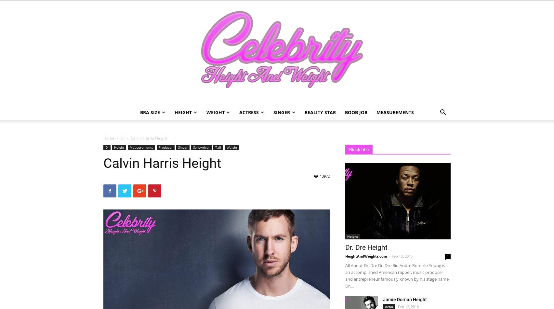 The image size is (554, 309). Describe the element at coordinates (447, 256) in the screenshot. I see `'1'` at that location.